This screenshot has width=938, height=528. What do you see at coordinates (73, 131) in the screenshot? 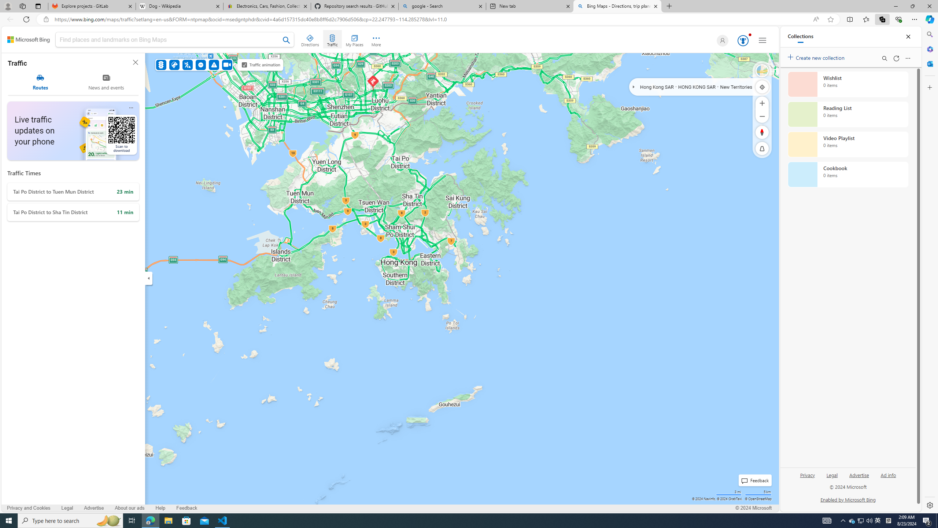
I see `'Live traffic updates on your phone Scan to download'` at bounding box center [73, 131].